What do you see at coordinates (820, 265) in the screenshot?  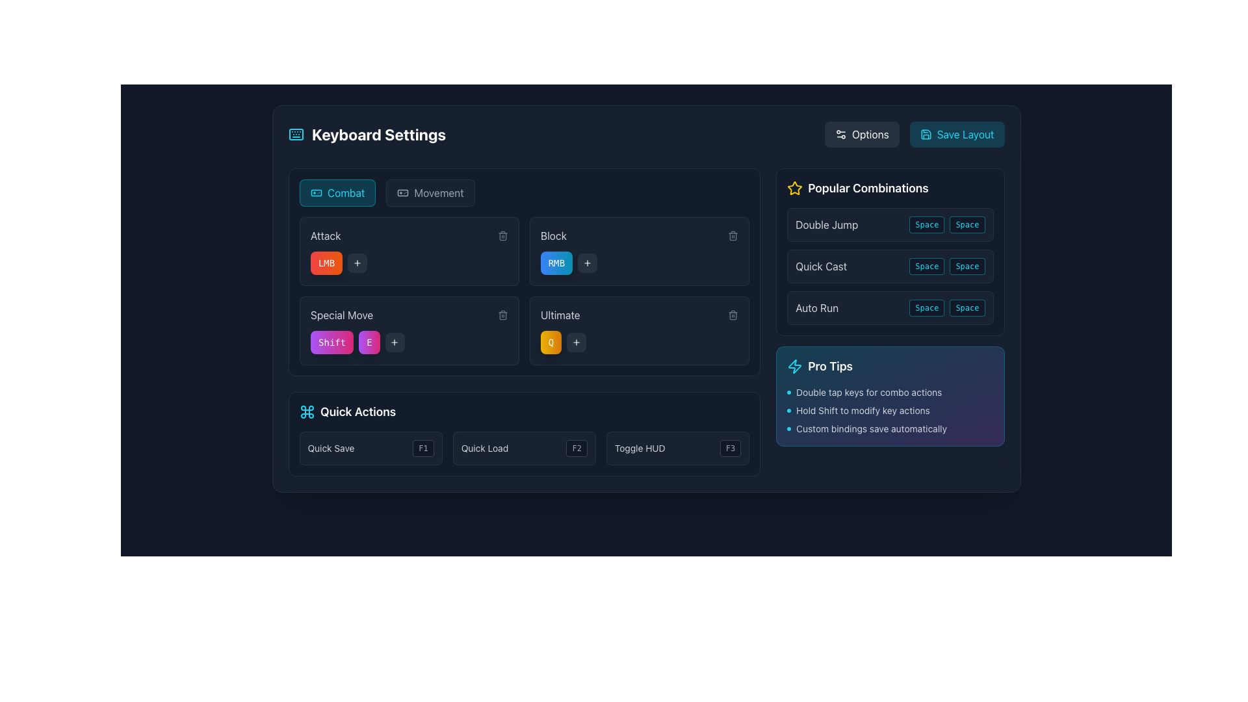 I see `the static label 'Quick Cast' located in the right panel under the 'Popular Combinations' section, which is the first element in a list of labels` at bounding box center [820, 265].